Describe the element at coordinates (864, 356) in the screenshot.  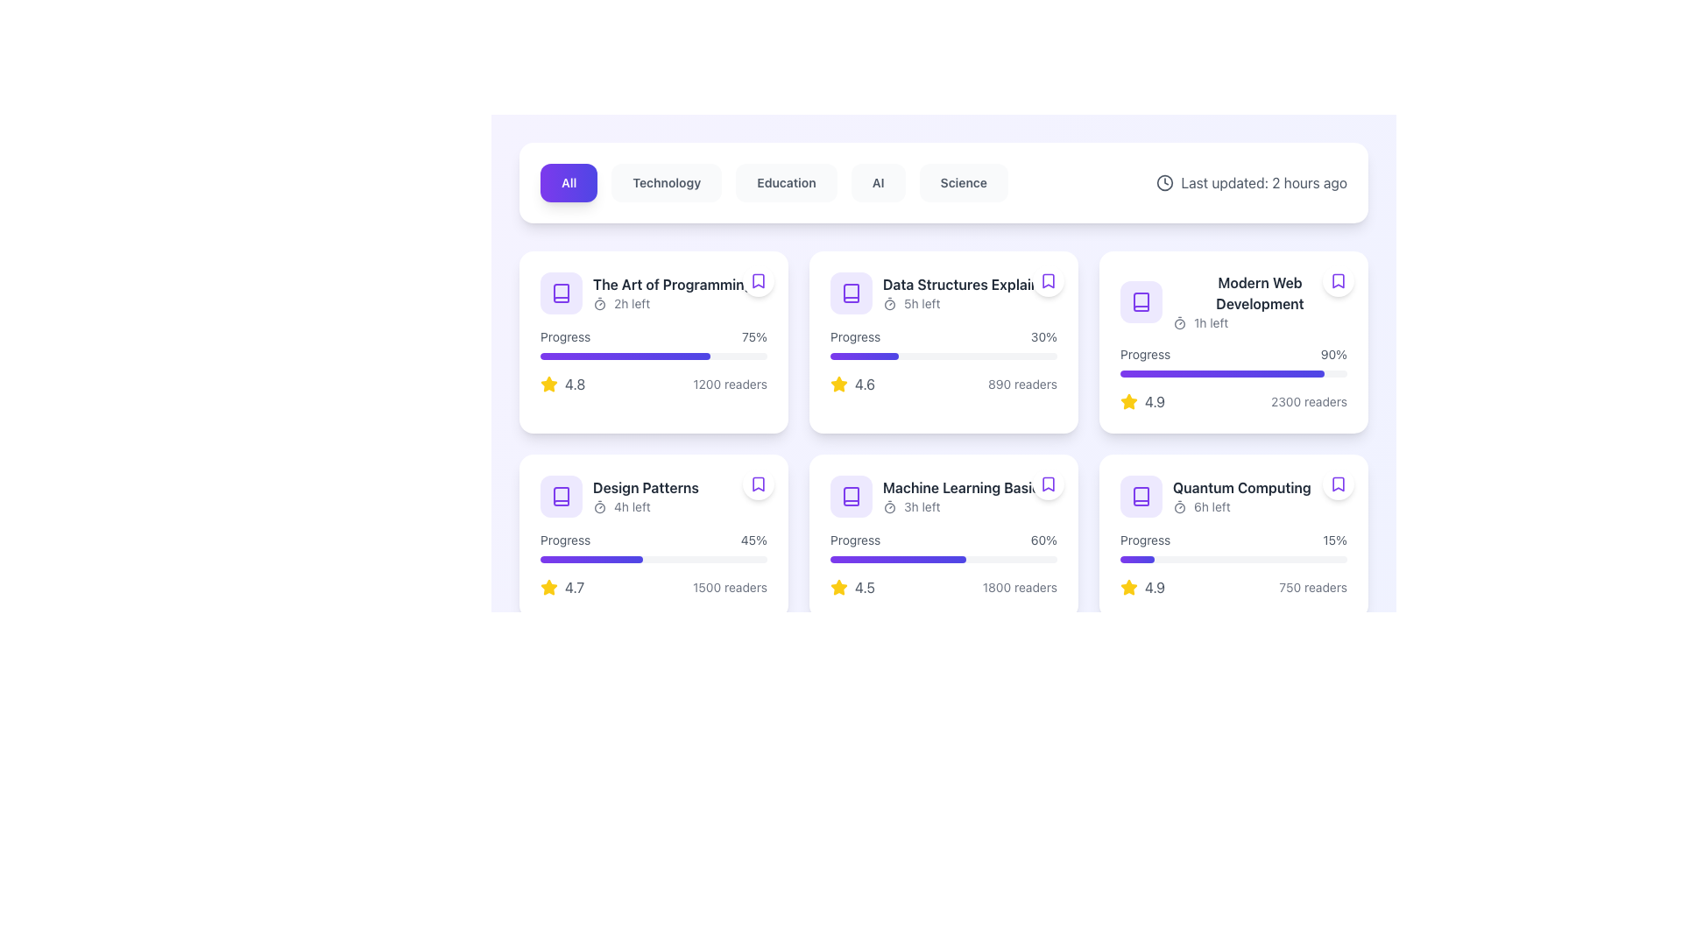
I see `the filled portion of the horizontal progress bar segment in the second card titled 'Data Structures Explained', which is a gradient-colored bar transitioning from violet to indigo` at that location.